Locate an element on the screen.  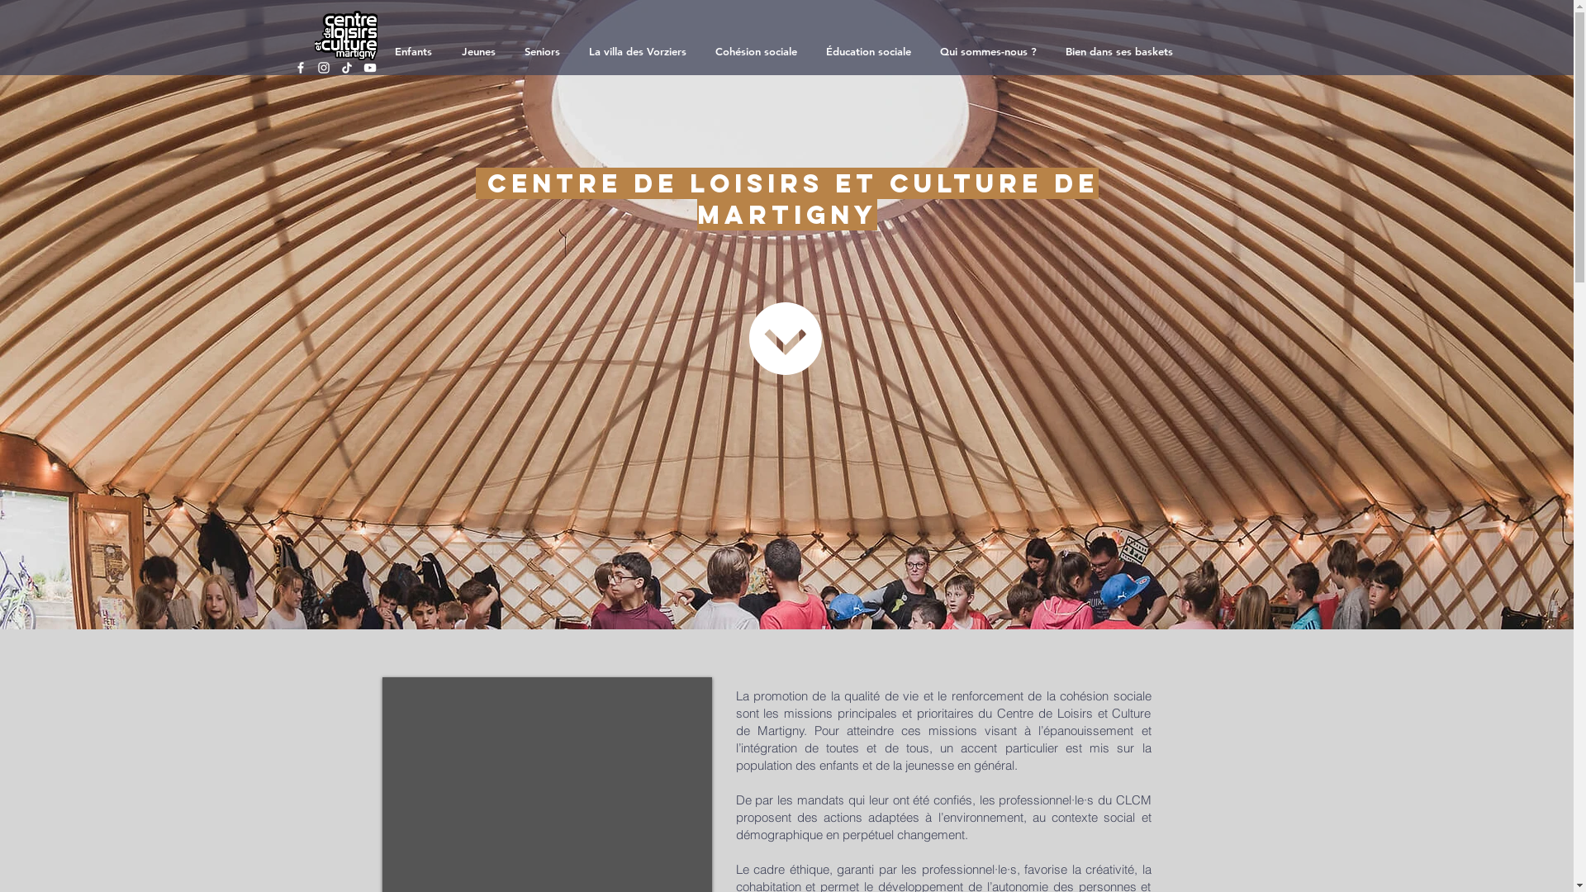
'Seniors' is located at coordinates (544, 50).